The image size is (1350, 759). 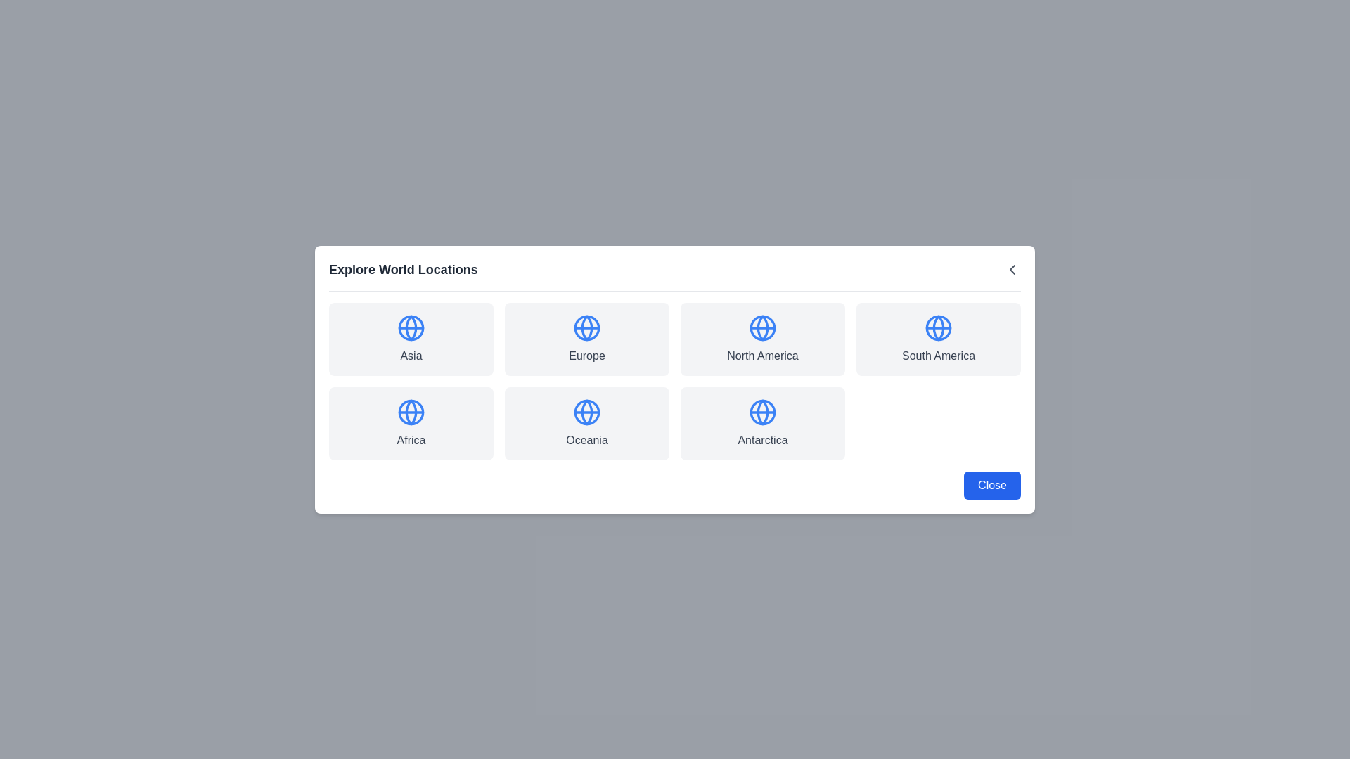 I want to click on the location Oceania to select it, so click(x=587, y=422).